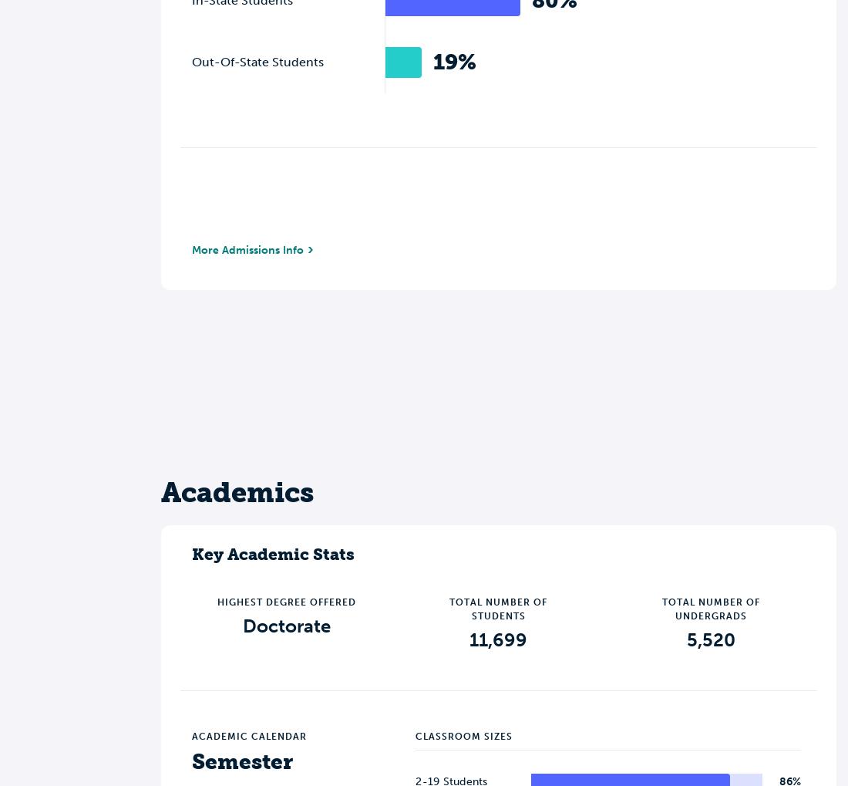 This screenshot has height=786, width=848. Describe the element at coordinates (498, 609) in the screenshot. I see `'Total Number of Students'` at that location.